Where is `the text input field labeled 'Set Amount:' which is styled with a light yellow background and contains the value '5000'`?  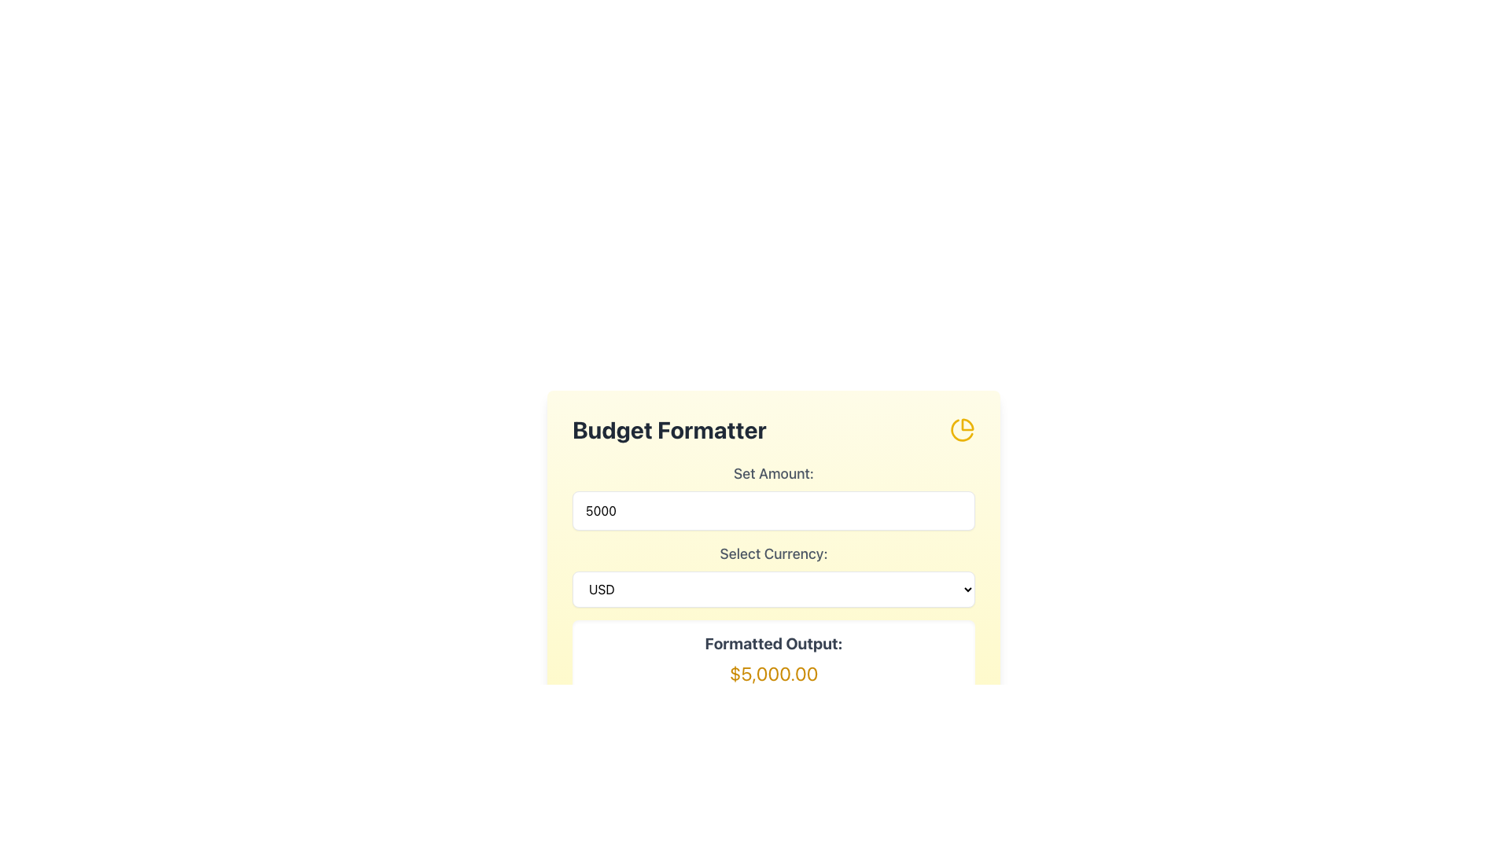 the text input field labeled 'Set Amount:' which is styled with a light yellow background and contains the value '5000' is located at coordinates (773, 497).